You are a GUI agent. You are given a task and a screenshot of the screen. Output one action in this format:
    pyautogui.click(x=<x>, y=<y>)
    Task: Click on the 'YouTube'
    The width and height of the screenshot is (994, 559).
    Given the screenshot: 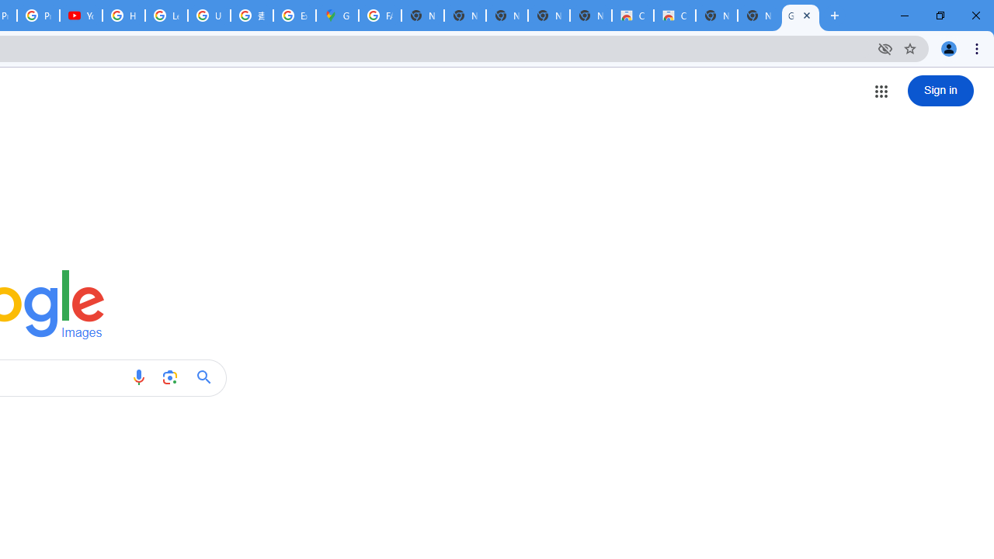 What is the action you would take?
    pyautogui.click(x=80, y=16)
    